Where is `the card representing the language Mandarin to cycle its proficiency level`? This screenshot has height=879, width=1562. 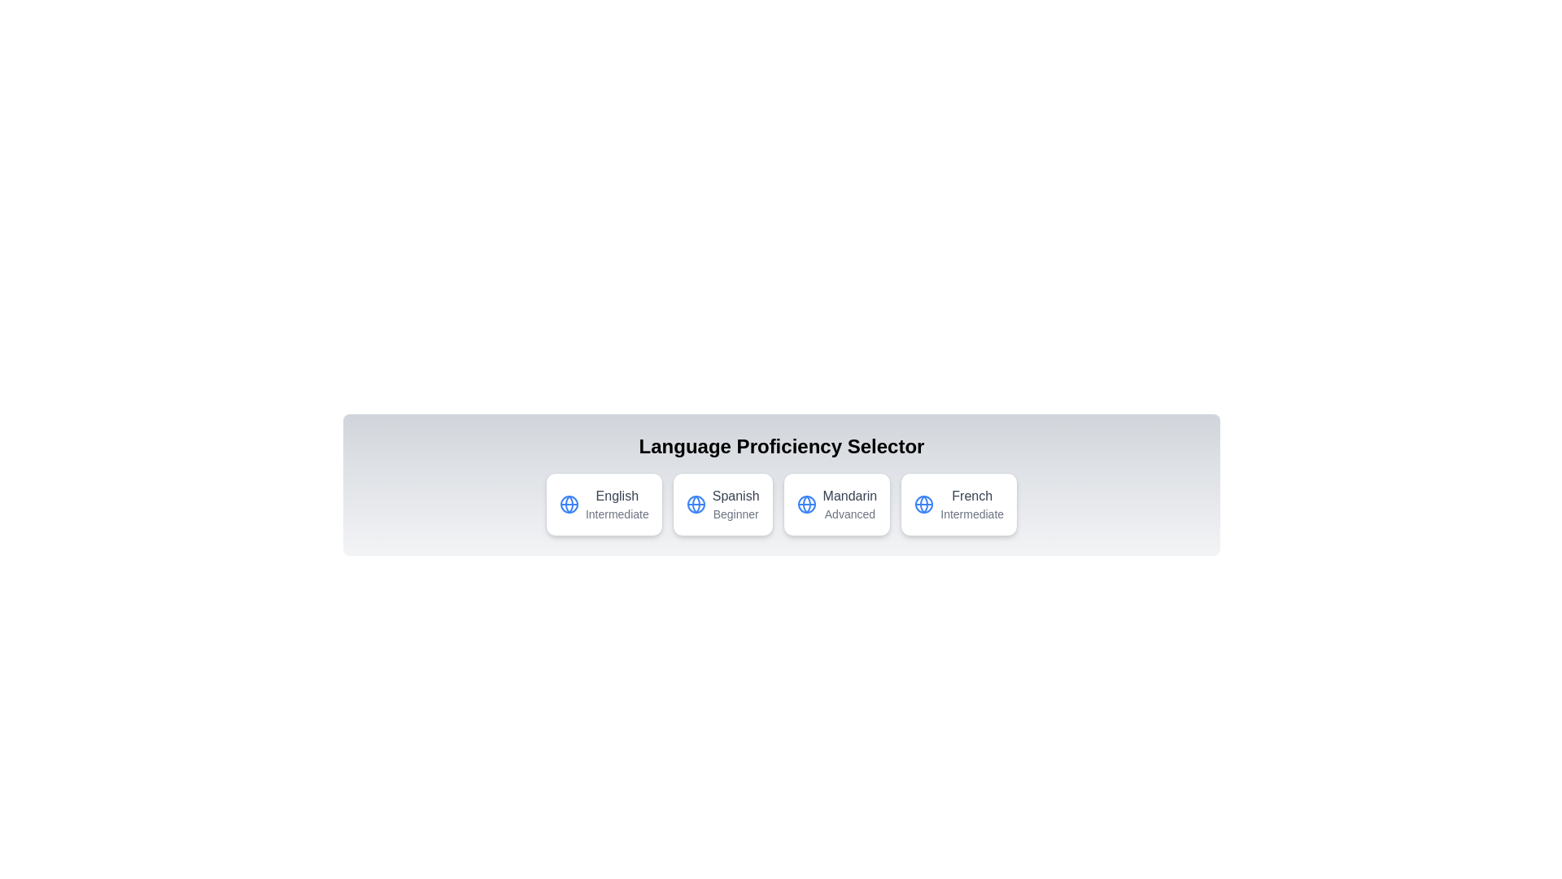 the card representing the language Mandarin to cycle its proficiency level is located at coordinates (836, 504).